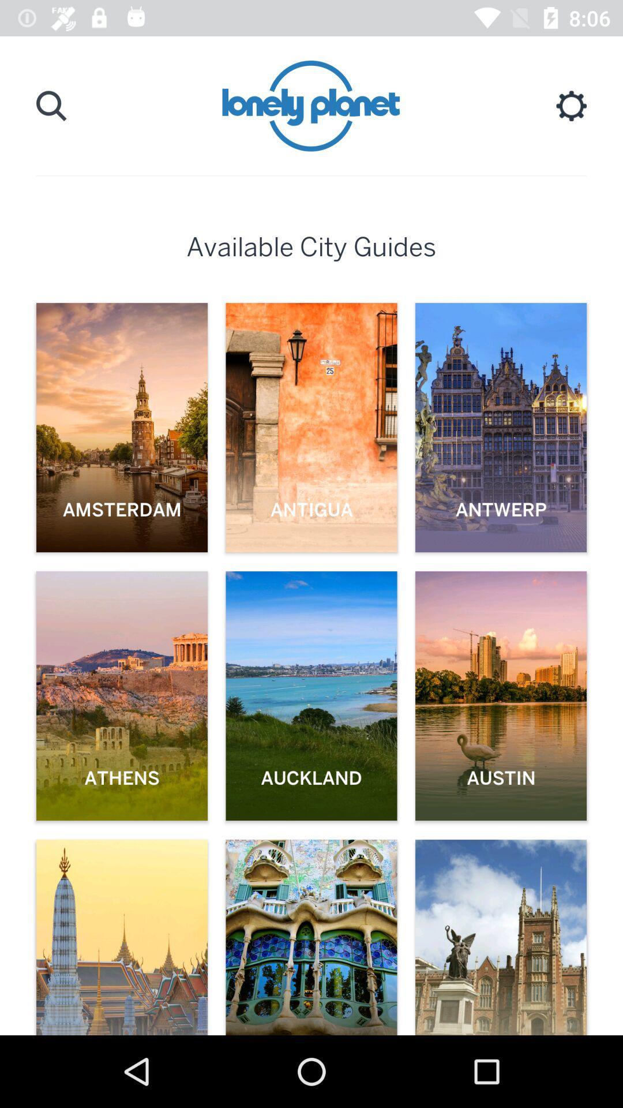 The width and height of the screenshot is (623, 1108). Describe the element at coordinates (571, 106) in the screenshot. I see `the item at the top right corner` at that location.